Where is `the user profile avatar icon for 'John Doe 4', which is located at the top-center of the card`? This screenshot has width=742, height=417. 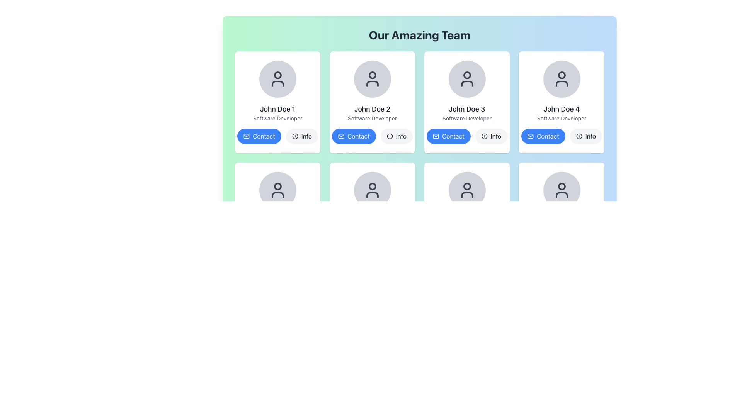
the user profile avatar icon for 'John Doe 4', which is located at the top-center of the card is located at coordinates (562, 75).